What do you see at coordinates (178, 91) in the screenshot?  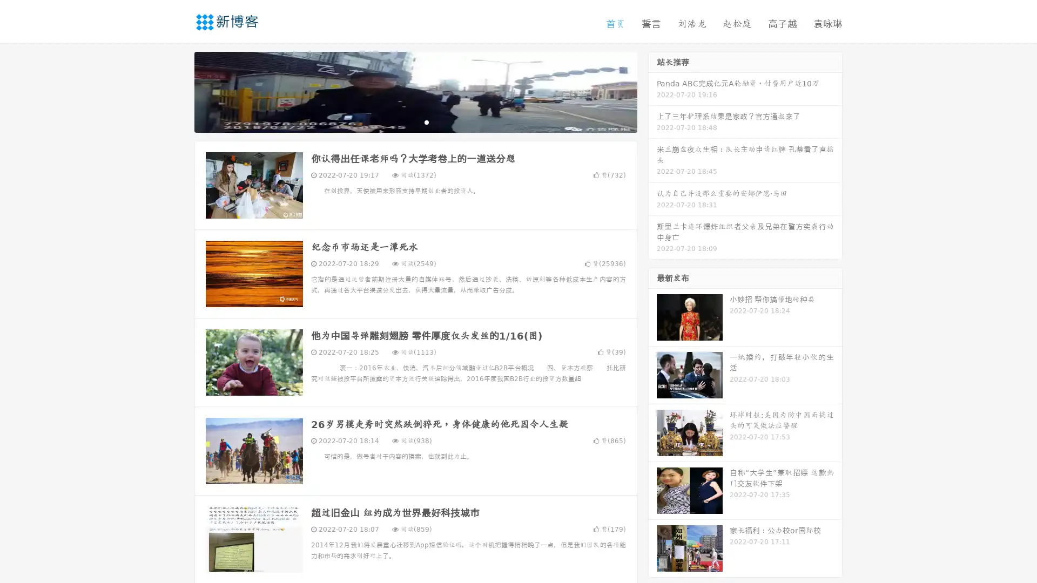 I see `Previous slide` at bounding box center [178, 91].